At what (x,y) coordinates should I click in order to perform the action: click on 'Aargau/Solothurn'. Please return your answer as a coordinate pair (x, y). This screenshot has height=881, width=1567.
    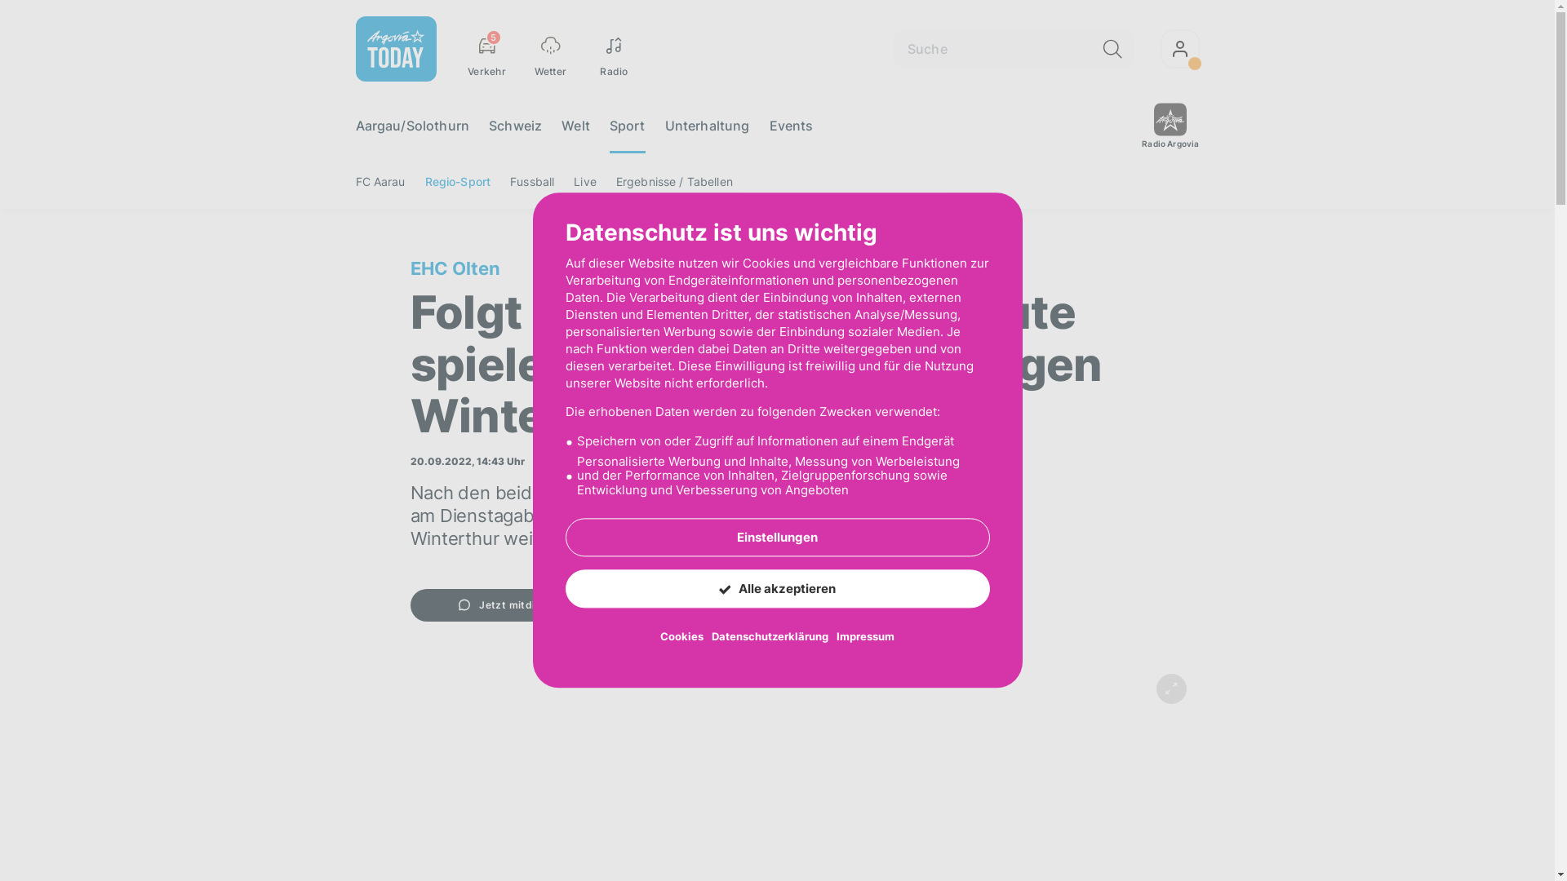
    Looking at the image, I should click on (412, 125).